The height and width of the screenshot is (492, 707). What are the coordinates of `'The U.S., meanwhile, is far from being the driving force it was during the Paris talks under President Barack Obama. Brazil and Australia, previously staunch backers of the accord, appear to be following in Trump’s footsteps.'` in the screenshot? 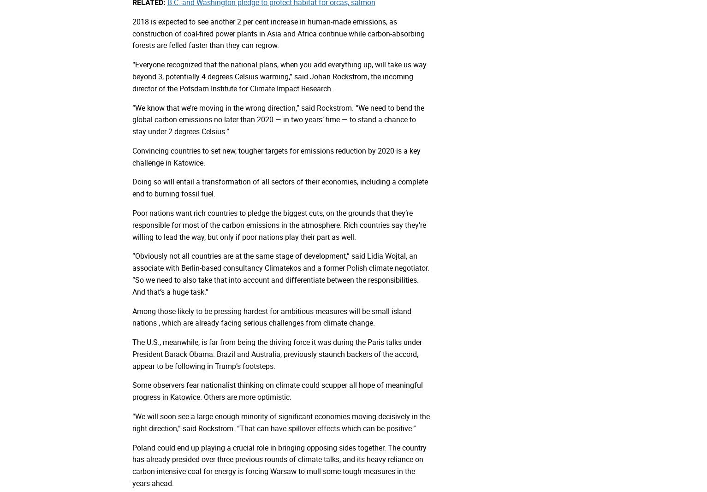 It's located at (276, 353).